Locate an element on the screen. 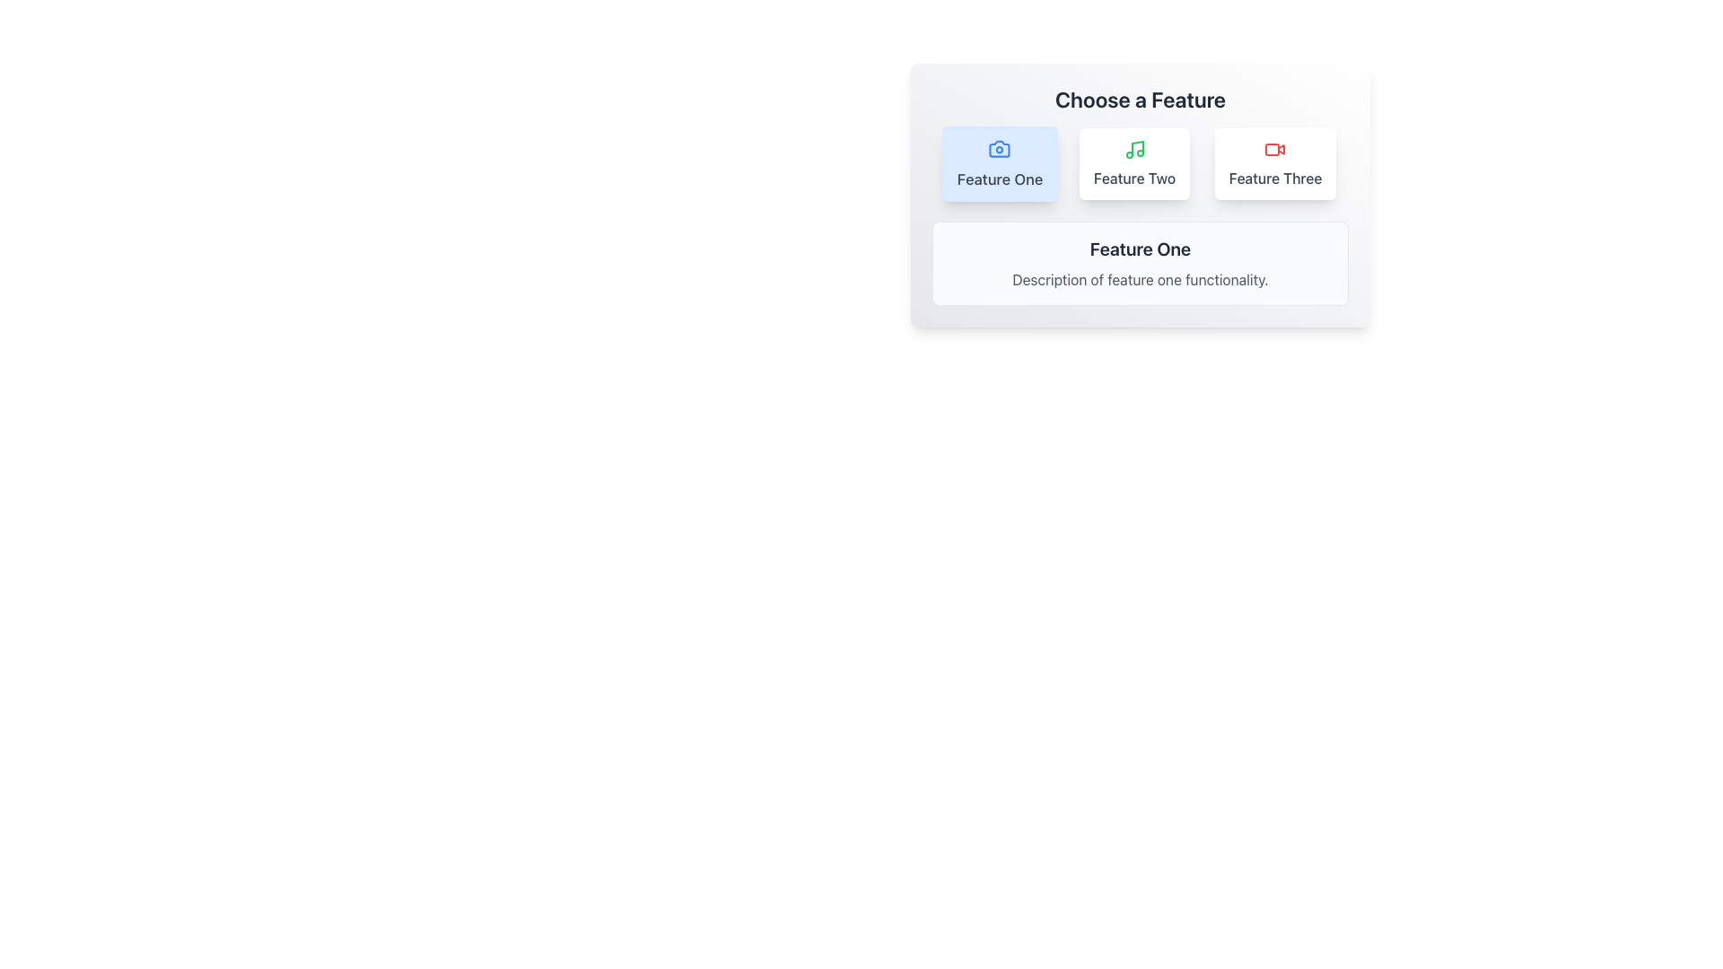 The height and width of the screenshot is (969, 1723). the header text label that indicates the purpose of the section above the three feature buttons is located at coordinates (1140, 100).